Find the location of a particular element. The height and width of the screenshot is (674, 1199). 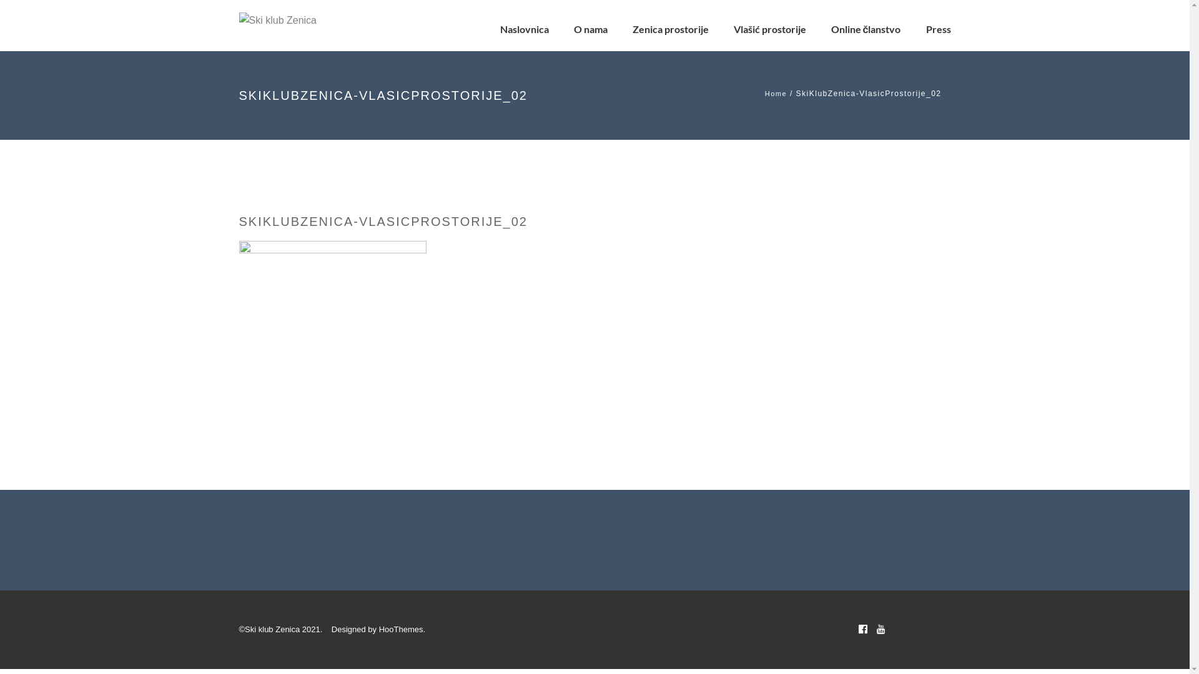

'Zenica prostorije' is located at coordinates (632, 28).